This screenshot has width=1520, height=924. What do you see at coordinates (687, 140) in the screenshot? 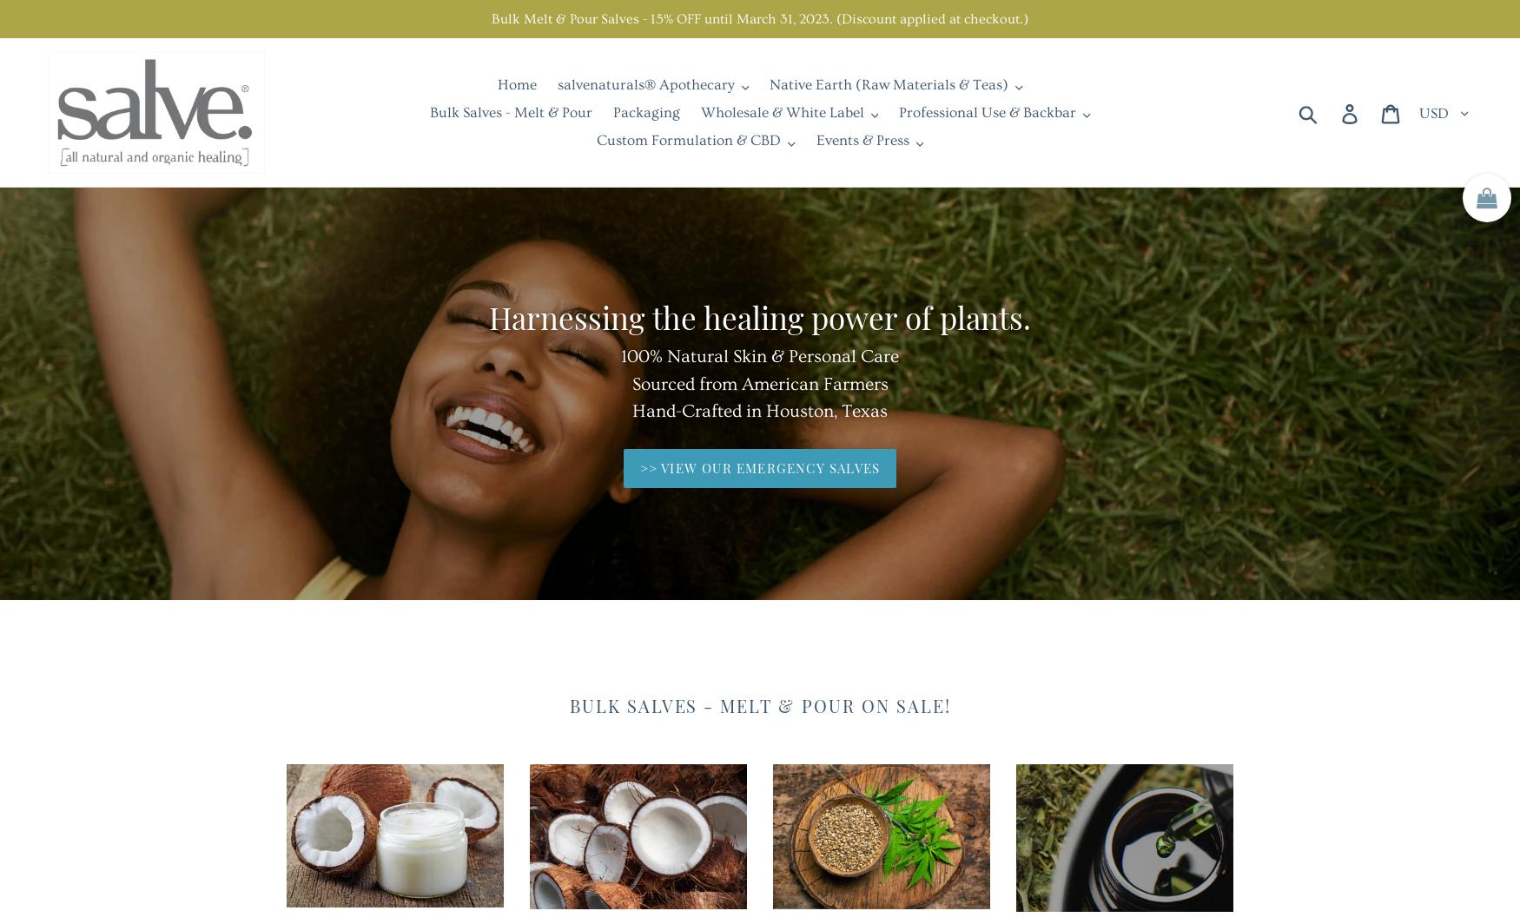
I see `'Custom Formulation & CBD'` at bounding box center [687, 140].